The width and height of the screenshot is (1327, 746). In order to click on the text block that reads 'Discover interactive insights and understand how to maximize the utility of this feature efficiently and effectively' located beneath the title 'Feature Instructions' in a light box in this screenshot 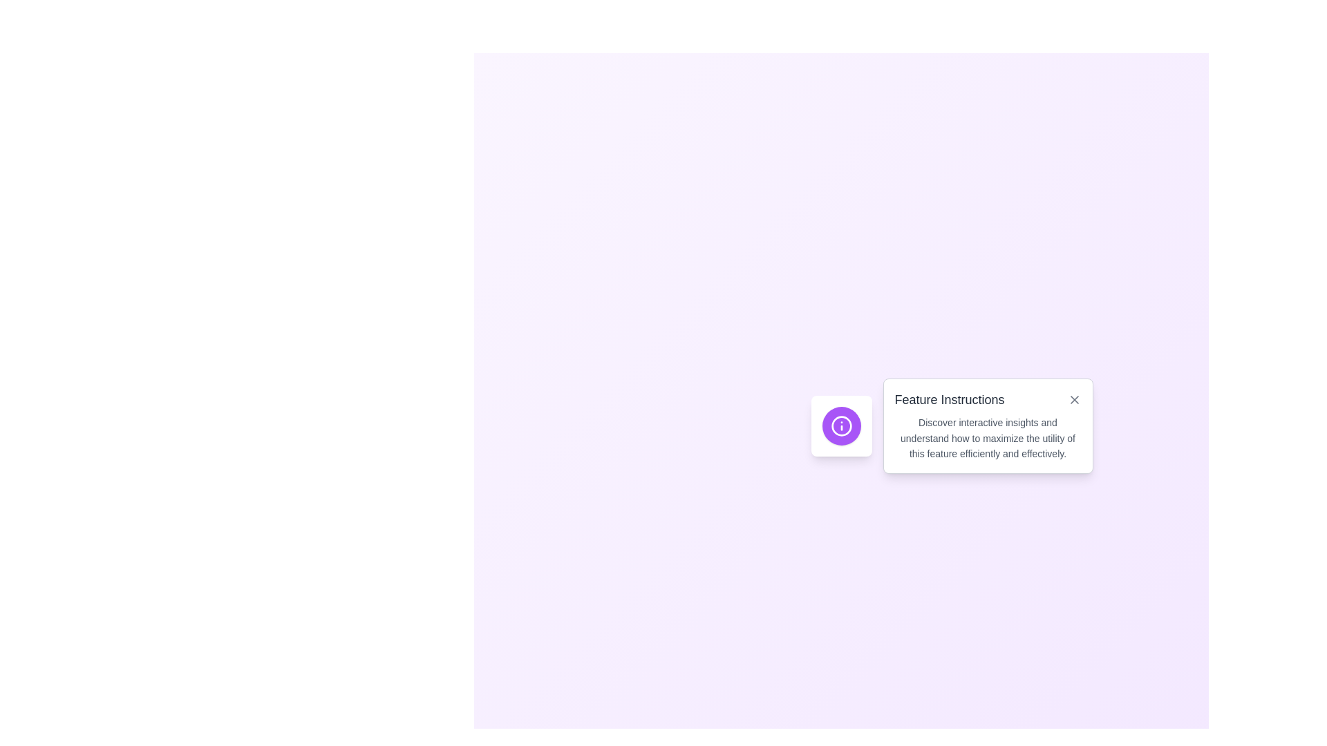, I will do `click(987, 439)`.